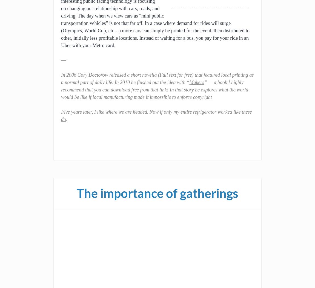 This screenshot has height=288, width=315. What do you see at coordinates (61, 34) in the screenshot?
I see `'In a case where demand for rides will surge (Olympics, World Cup, etc…) more cars can simply be printed for the event, then distributed to other, initially less profitable locations. Instead of waiting for a bus, you pay for your ride in an Uber with your Metro card.'` at bounding box center [61, 34].